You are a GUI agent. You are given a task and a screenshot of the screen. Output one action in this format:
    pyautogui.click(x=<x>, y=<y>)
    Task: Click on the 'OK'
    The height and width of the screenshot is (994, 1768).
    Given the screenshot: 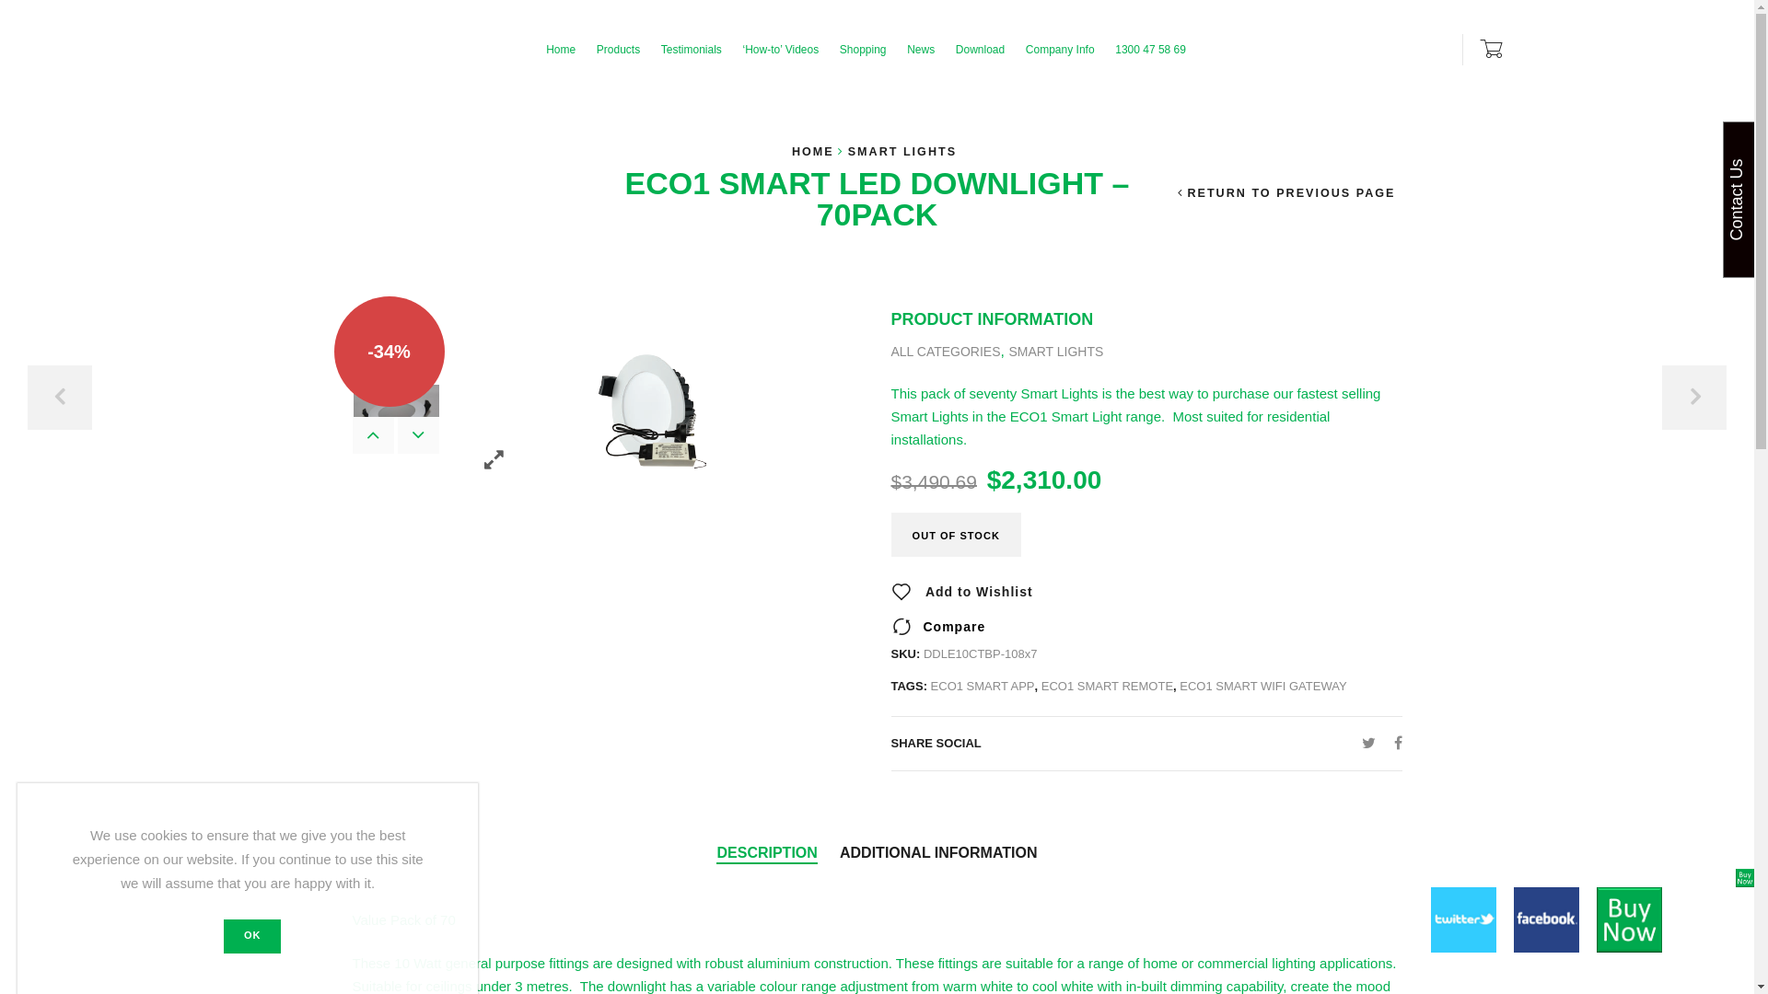 What is the action you would take?
    pyautogui.click(x=223, y=936)
    